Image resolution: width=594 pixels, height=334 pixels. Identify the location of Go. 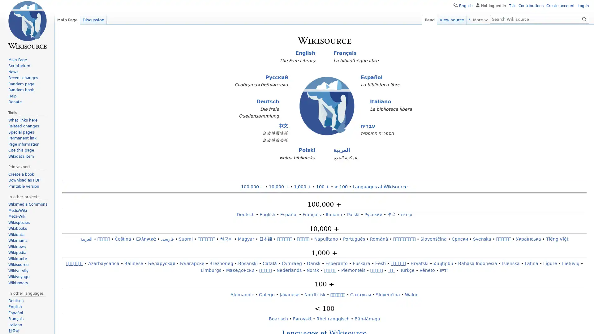
(584, 19).